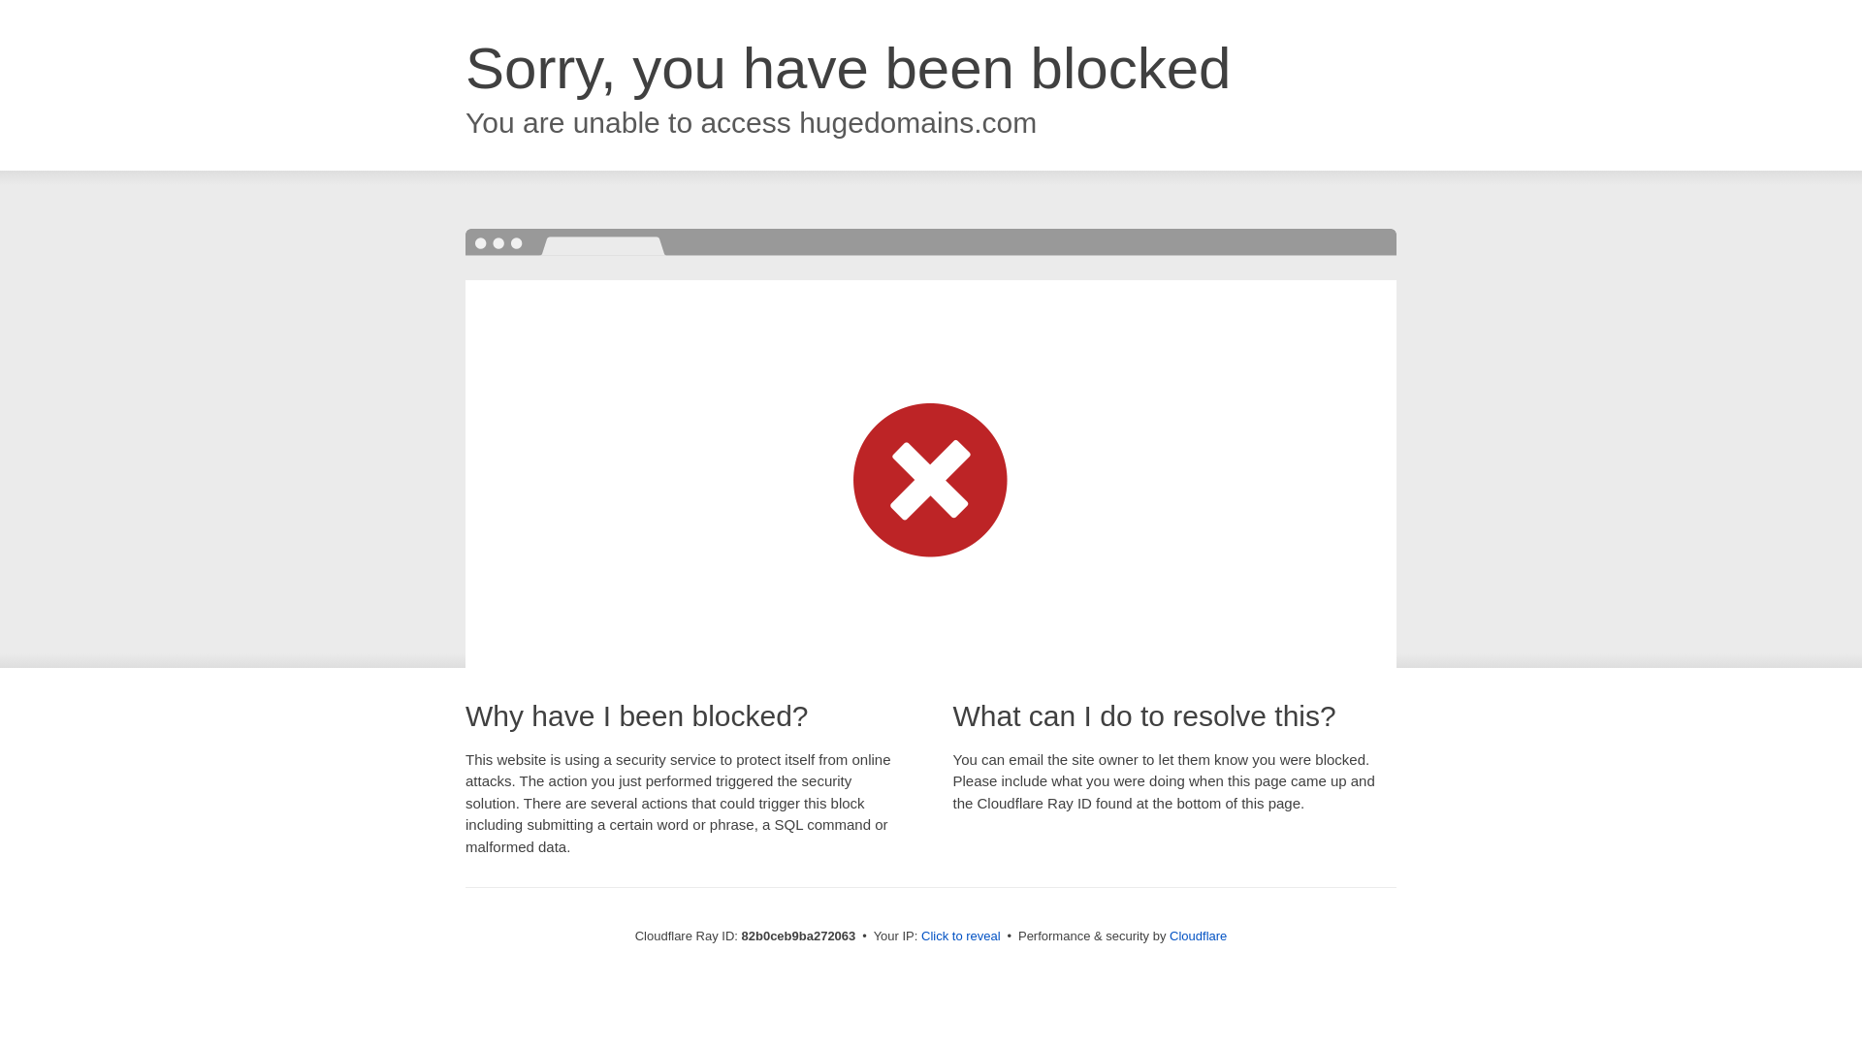  What do you see at coordinates (960, 935) in the screenshot?
I see `'Click to reveal'` at bounding box center [960, 935].